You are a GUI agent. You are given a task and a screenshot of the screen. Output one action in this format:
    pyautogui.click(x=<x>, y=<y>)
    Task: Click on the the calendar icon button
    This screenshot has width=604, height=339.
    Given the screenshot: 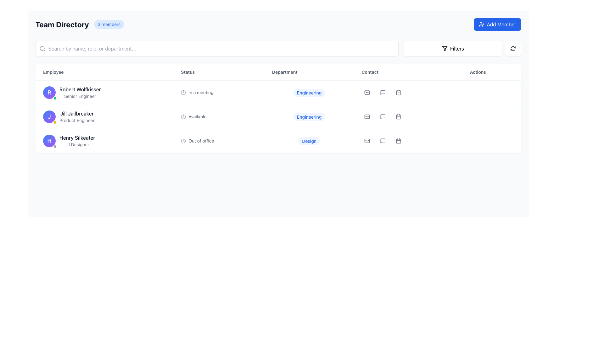 What is the action you would take?
    pyautogui.click(x=398, y=116)
    